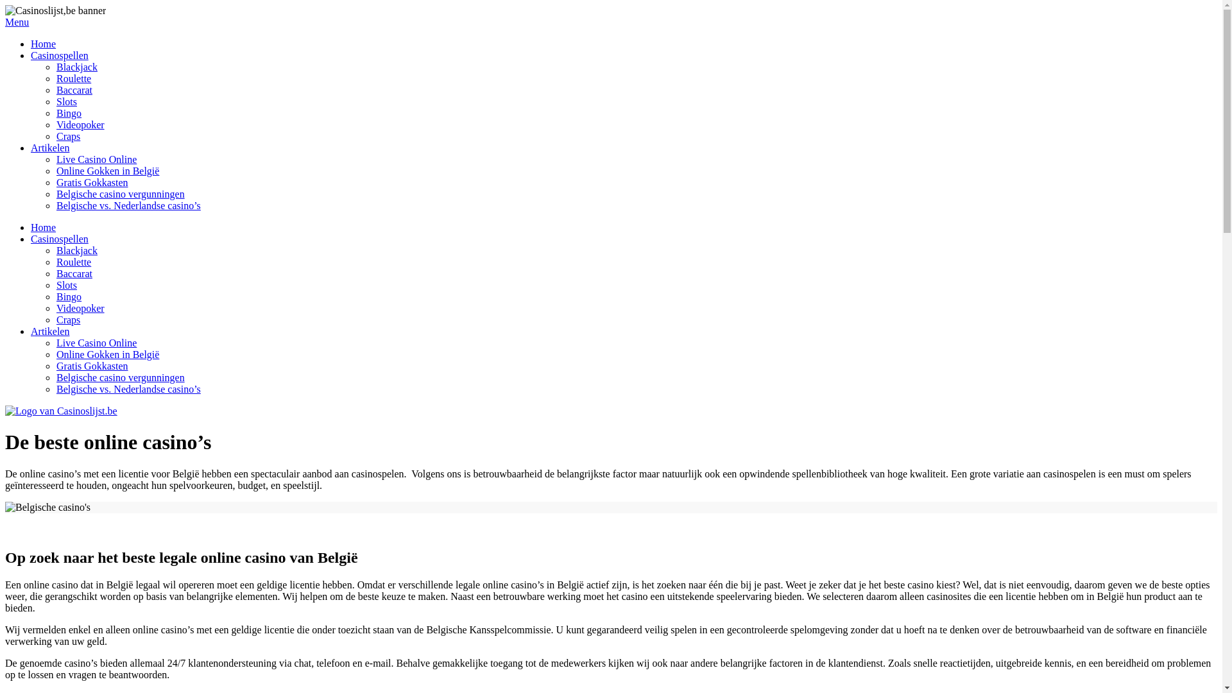  What do you see at coordinates (58, 55) in the screenshot?
I see `'Casinospellen'` at bounding box center [58, 55].